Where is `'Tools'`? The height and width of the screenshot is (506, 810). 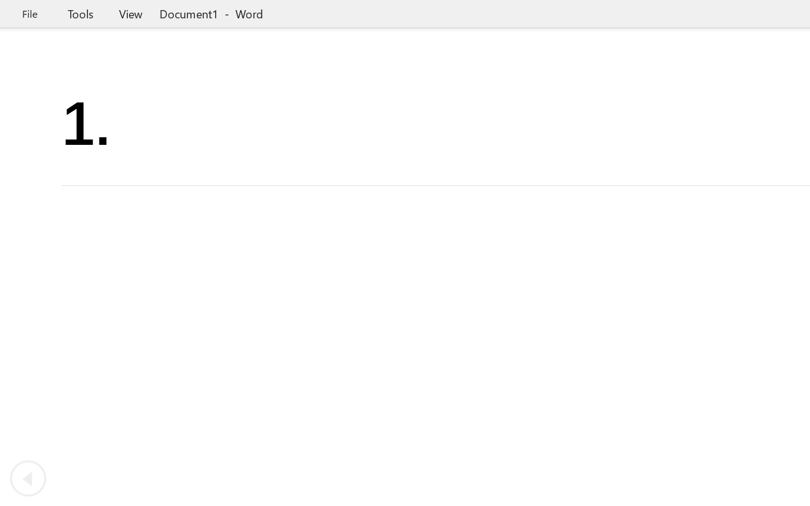
'Tools' is located at coordinates (80, 13).